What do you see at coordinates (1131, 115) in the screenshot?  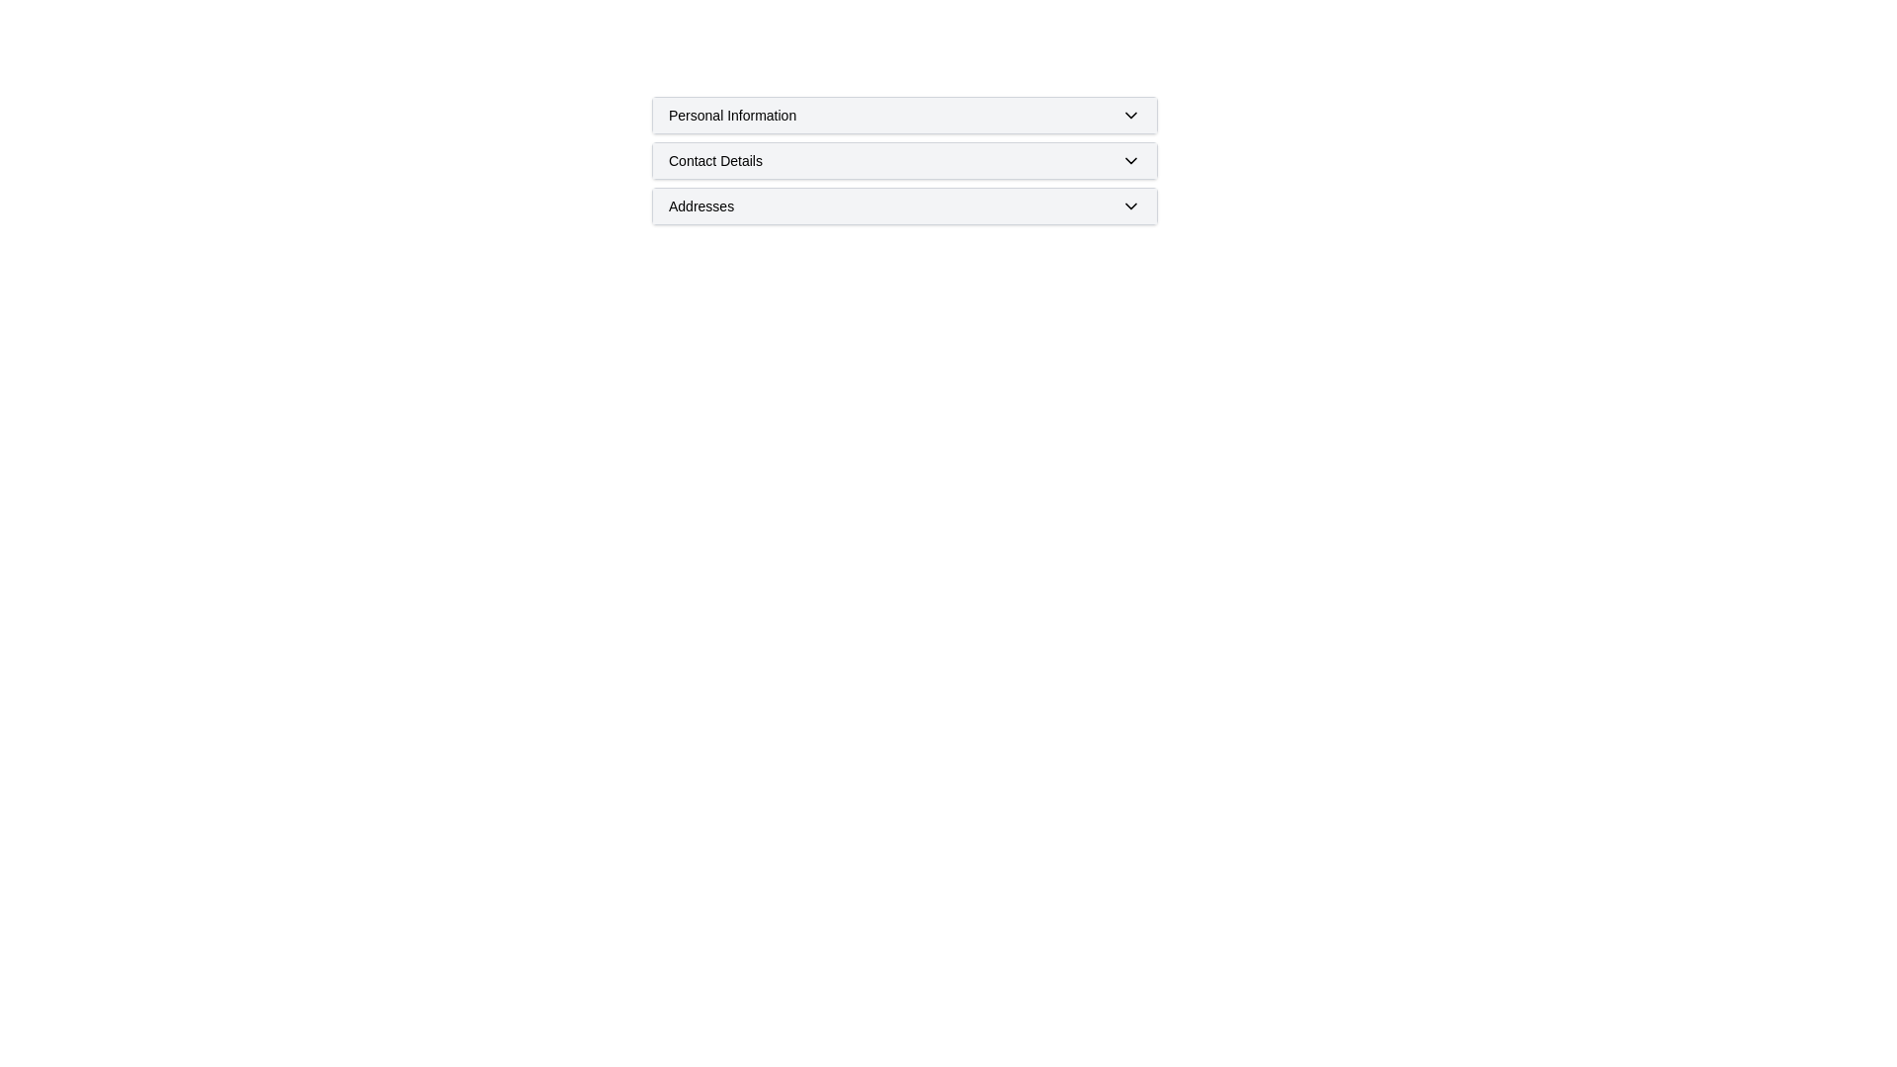 I see `the downward-pointing chevron icon with a black outline, located on the far right of the 'Personal Information' section header` at bounding box center [1131, 115].